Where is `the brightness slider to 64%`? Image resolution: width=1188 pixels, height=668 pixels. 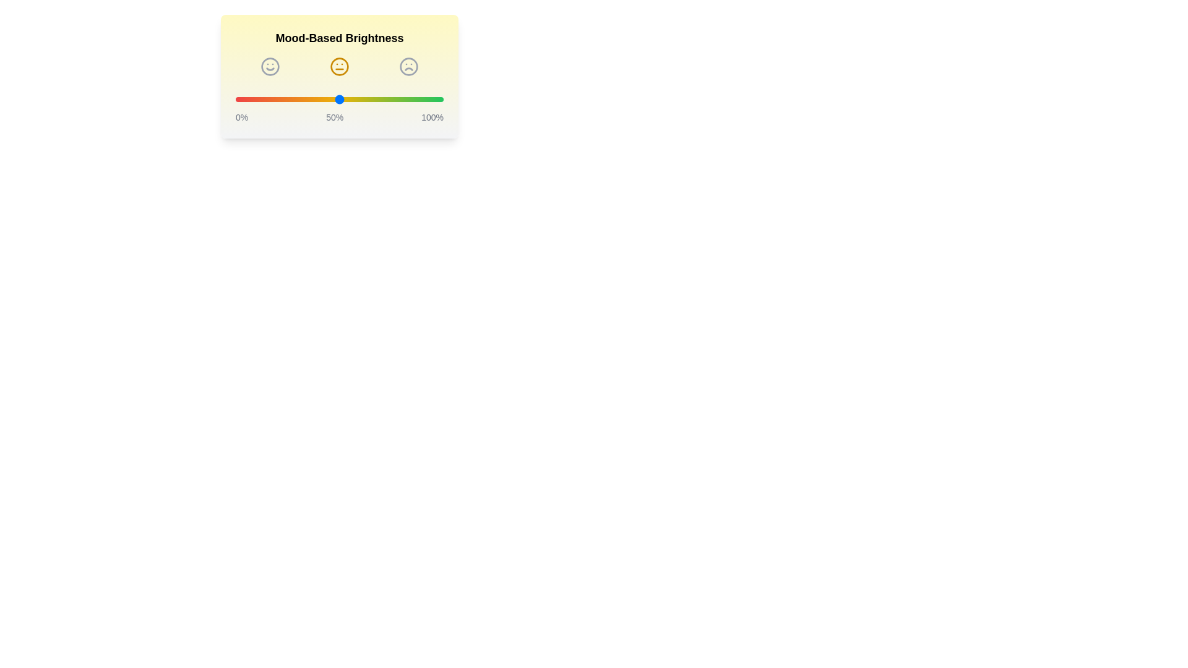 the brightness slider to 64% is located at coordinates (368, 99).